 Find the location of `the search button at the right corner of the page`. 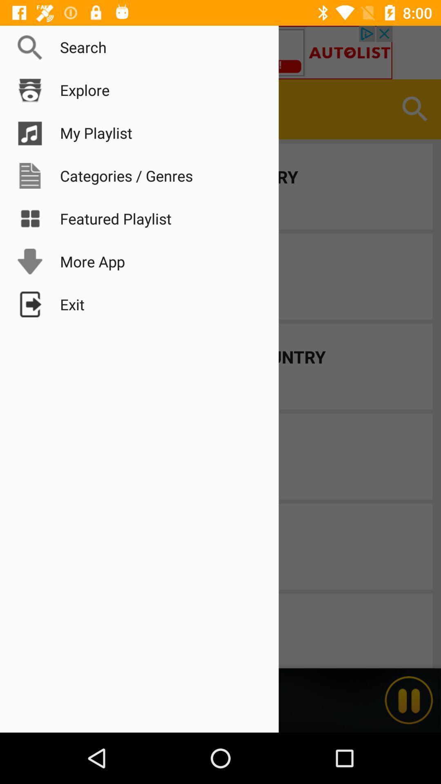

the search button at the right corner of the page is located at coordinates (415, 109).